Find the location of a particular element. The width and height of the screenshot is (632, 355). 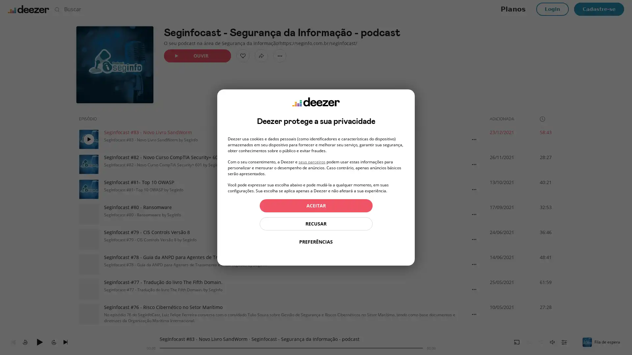

Tocar SegInfocast #75  LGPD: Impactos na Sociedade e a Jornada de Adequacao das Empresas por Seginfocast - Seguranca da Informacao - podcast is located at coordinates (88, 339).